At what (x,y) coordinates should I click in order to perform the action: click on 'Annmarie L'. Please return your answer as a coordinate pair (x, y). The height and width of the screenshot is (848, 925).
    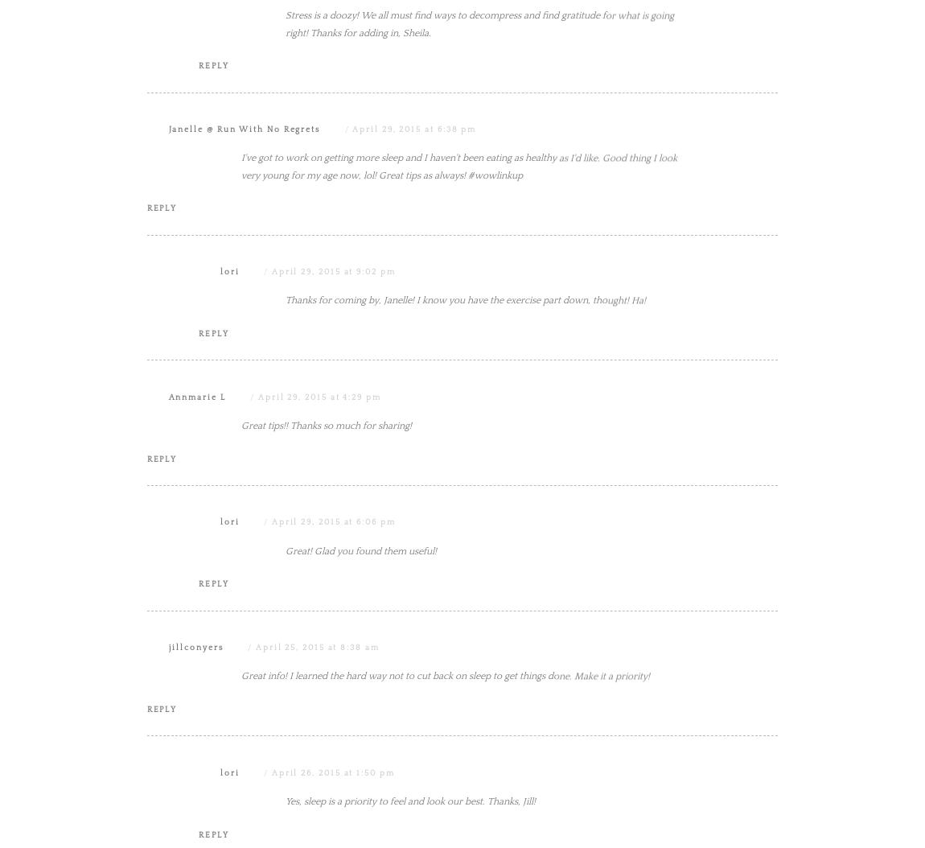
    Looking at the image, I should click on (166, 558).